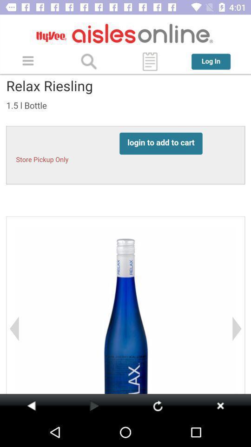 This screenshot has width=251, height=447. What do you see at coordinates (31, 405) in the screenshot?
I see `the arrow_backward icon` at bounding box center [31, 405].